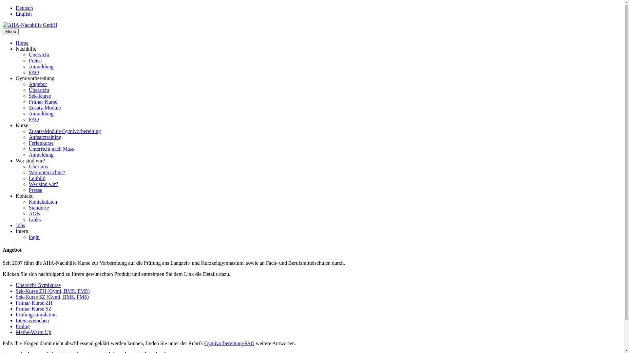 The width and height of the screenshot is (629, 353). I want to click on 'Wer sind wir?', so click(43, 184).